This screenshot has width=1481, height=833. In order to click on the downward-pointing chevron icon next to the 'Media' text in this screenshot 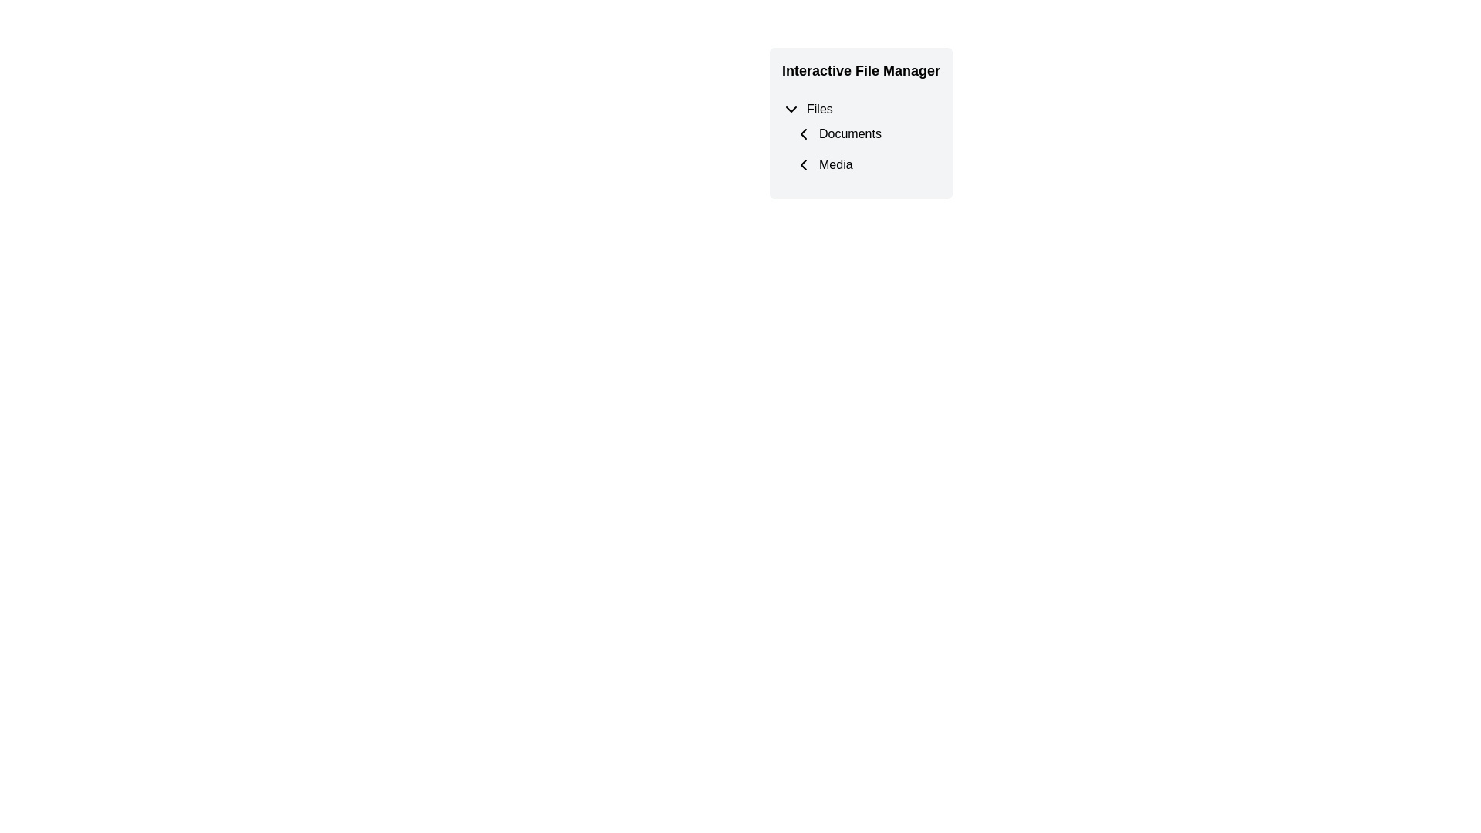, I will do `click(802, 164)`.